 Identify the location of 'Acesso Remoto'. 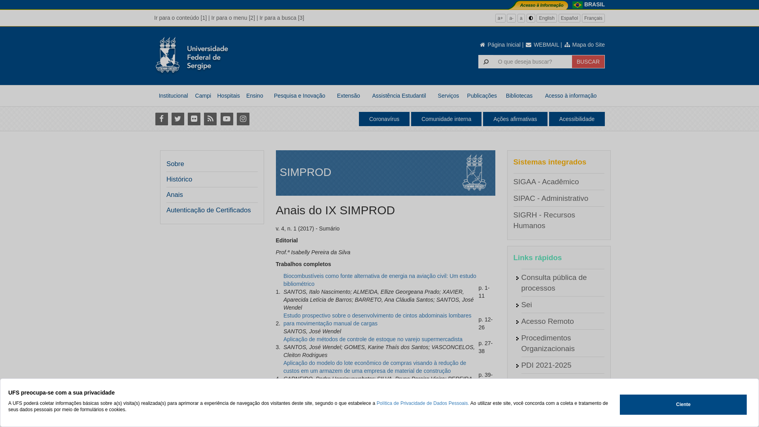
(547, 321).